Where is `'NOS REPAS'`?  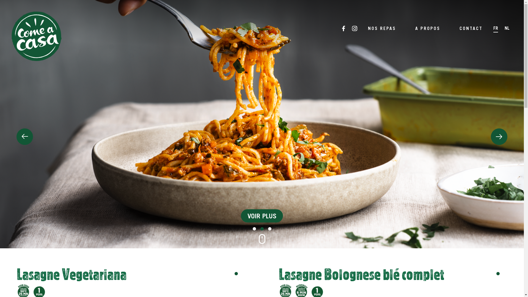
'NOS REPAS' is located at coordinates (381, 28).